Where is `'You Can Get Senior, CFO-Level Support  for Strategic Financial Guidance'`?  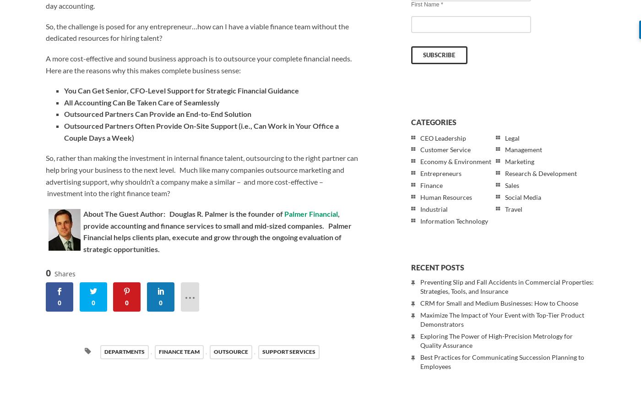 'You Can Get Senior, CFO-Level Support  for Strategic Financial Guidance' is located at coordinates (64, 90).